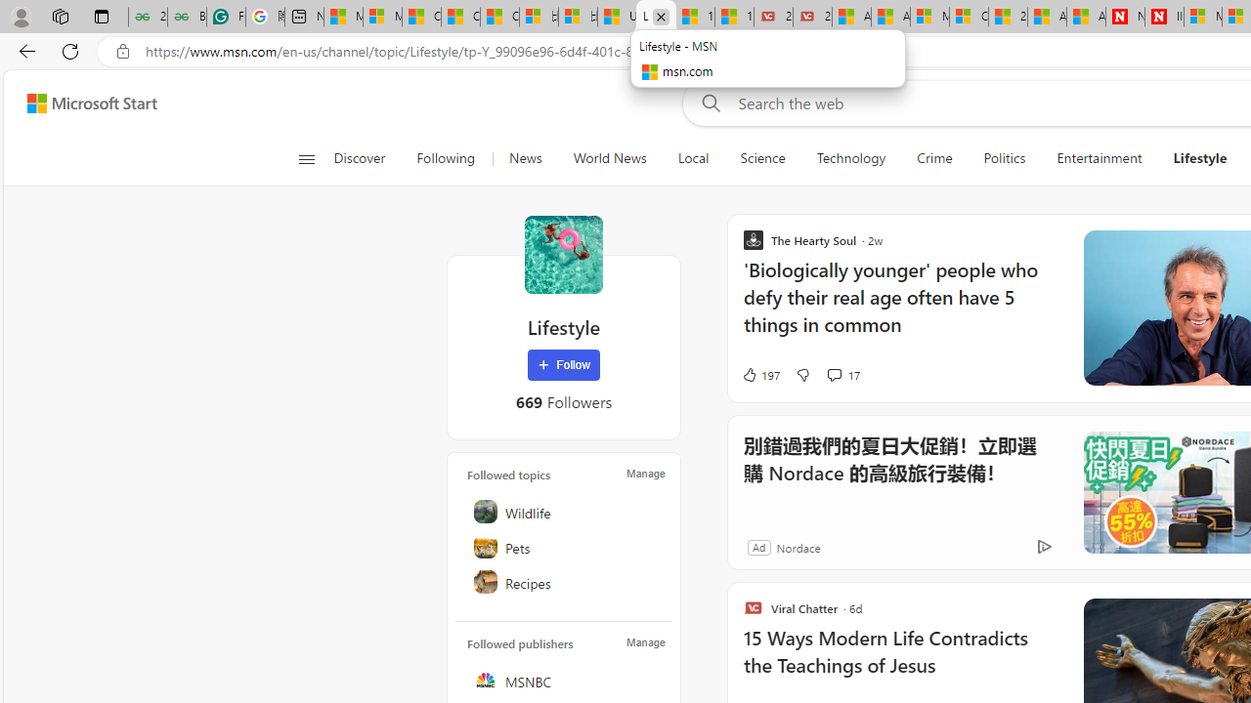 This screenshot has height=703, width=1251. What do you see at coordinates (1164, 17) in the screenshot?
I see `'Illness news & latest pictures from Newsweek.com'` at bounding box center [1164, 17].